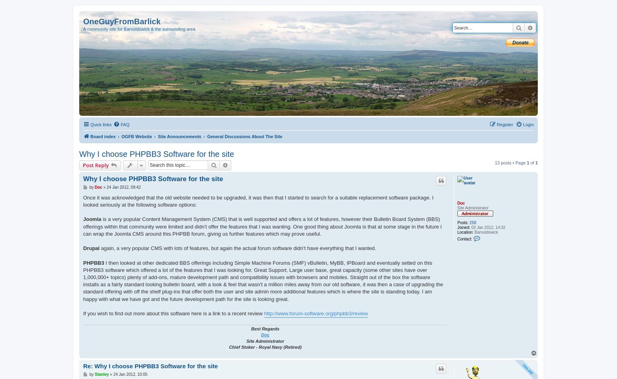 This screenshot has height=379, width=617. I want to click on 'OGFB Website', so click(136, 137).